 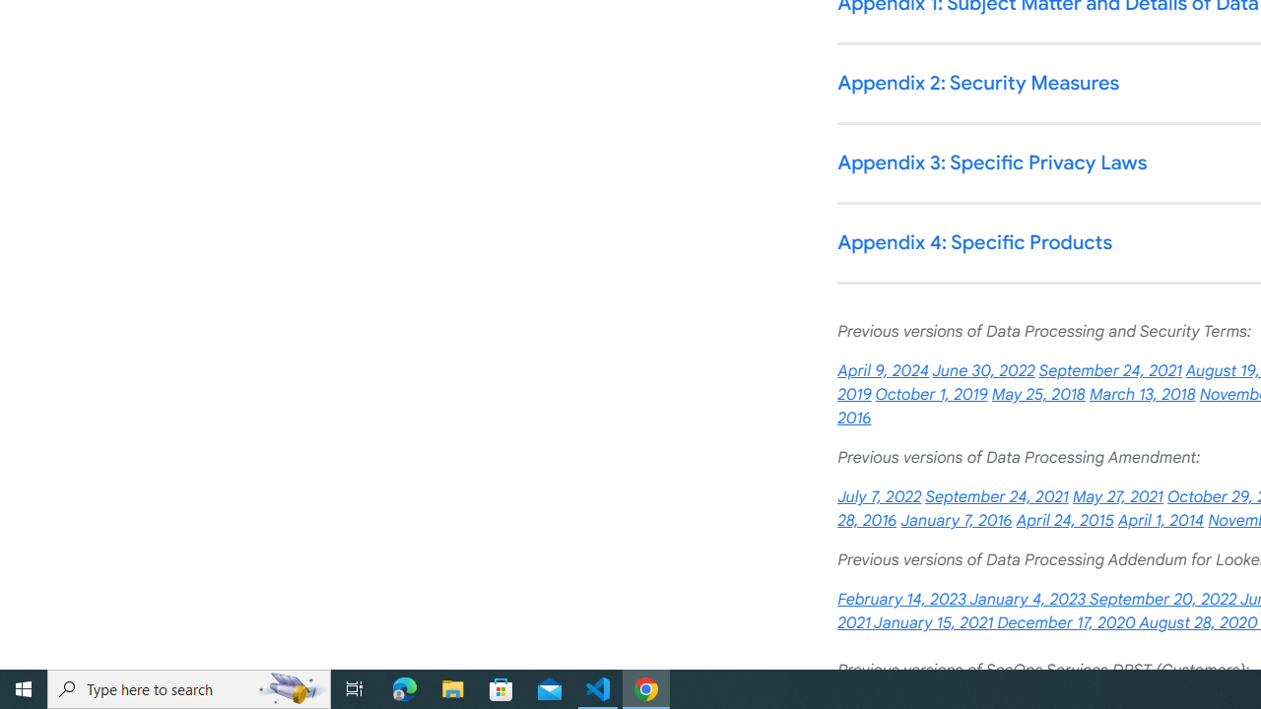 What do you see at coordinates (1142, 395) in the screenshot?
I see `'March 13, 2018'` at bounding box center [1142, 395].